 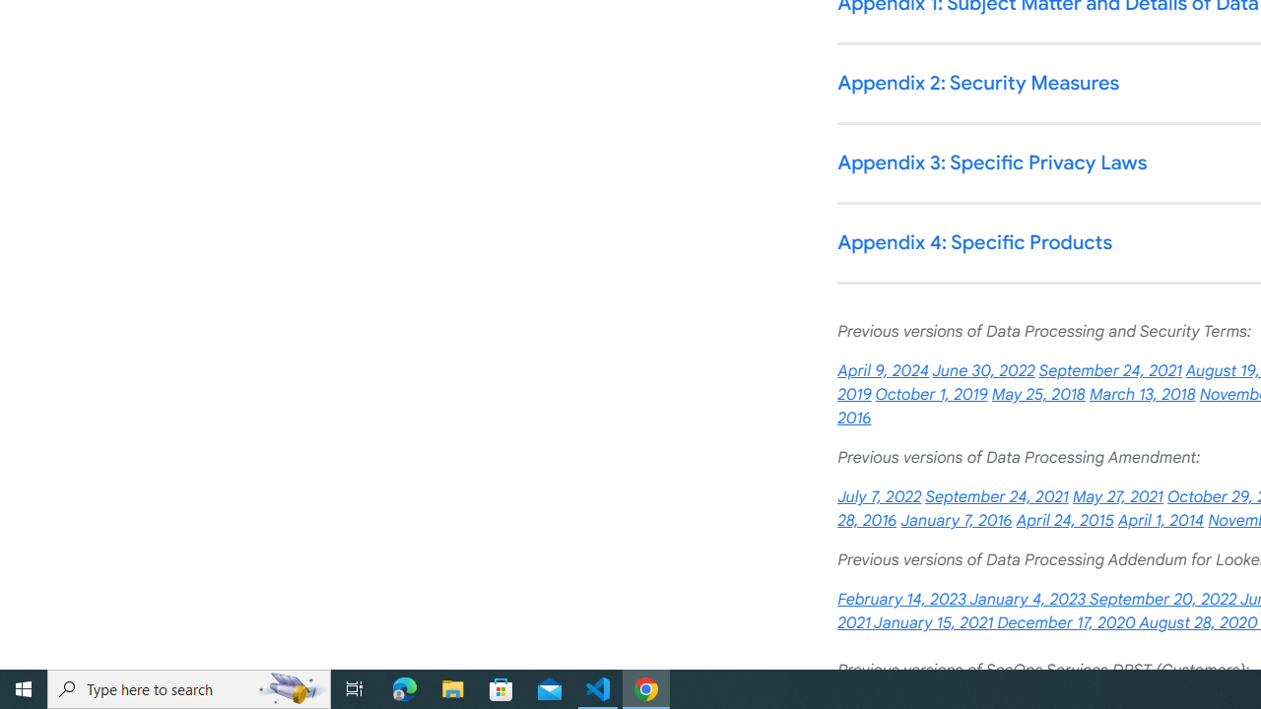 What do you see at coordinates (1142, 395) in the screenshot?
I see `'March 13, 2018'` at bounding box center [1142, 395].